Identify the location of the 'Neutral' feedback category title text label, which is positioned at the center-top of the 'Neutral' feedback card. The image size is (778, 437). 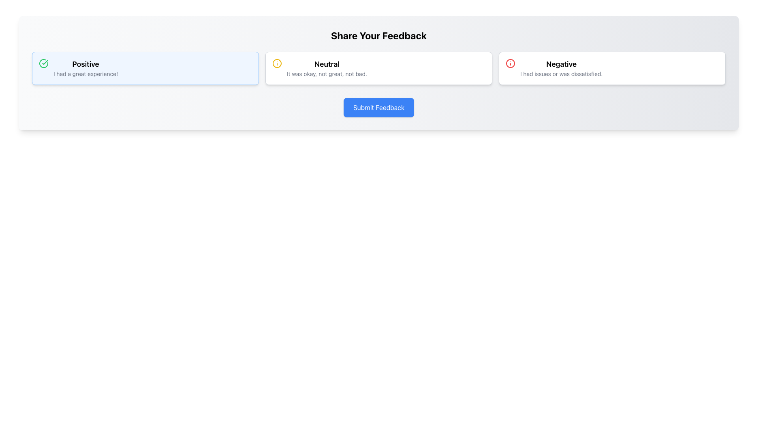
(327, 64).